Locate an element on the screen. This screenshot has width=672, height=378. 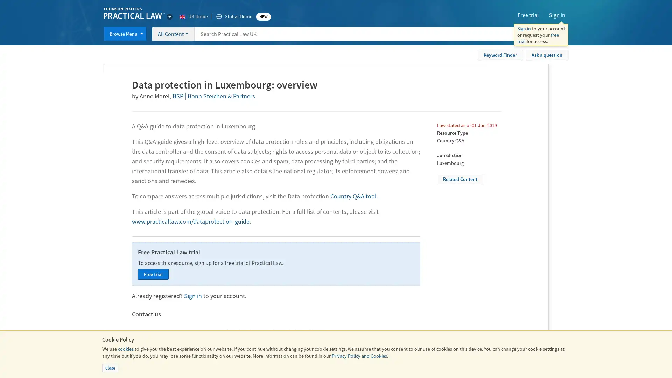
Ask a question is located at coordinates (547, 54).